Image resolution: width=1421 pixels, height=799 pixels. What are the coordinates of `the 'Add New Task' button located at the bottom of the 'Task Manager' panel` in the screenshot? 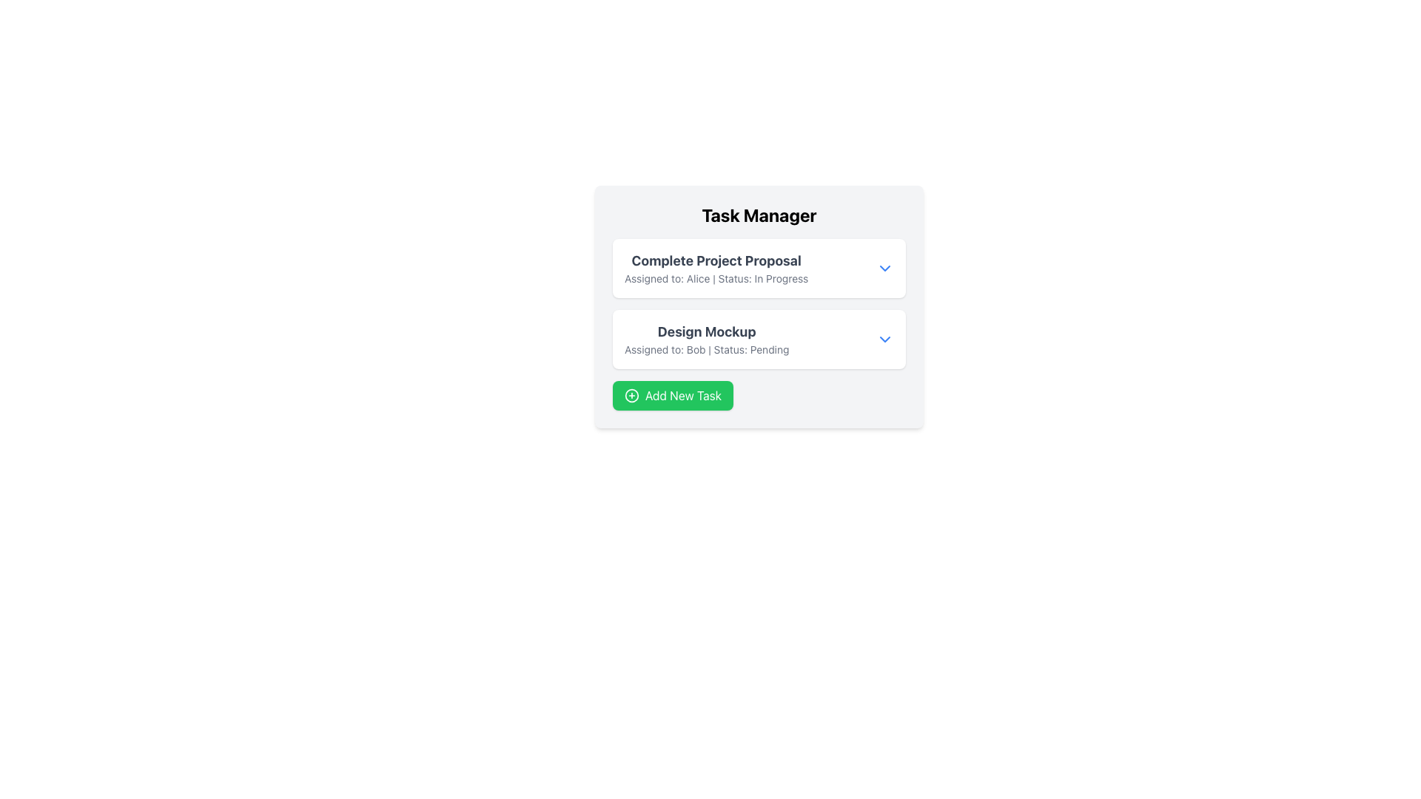 It's located at (759, 395).